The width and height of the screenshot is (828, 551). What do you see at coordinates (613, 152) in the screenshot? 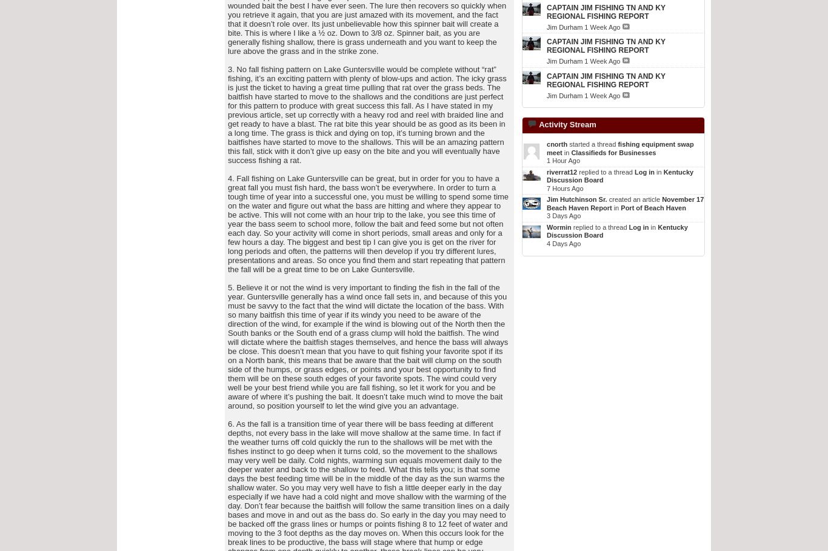
I see `'Classifieds for Businesses'` at bounding box center [613, 152].